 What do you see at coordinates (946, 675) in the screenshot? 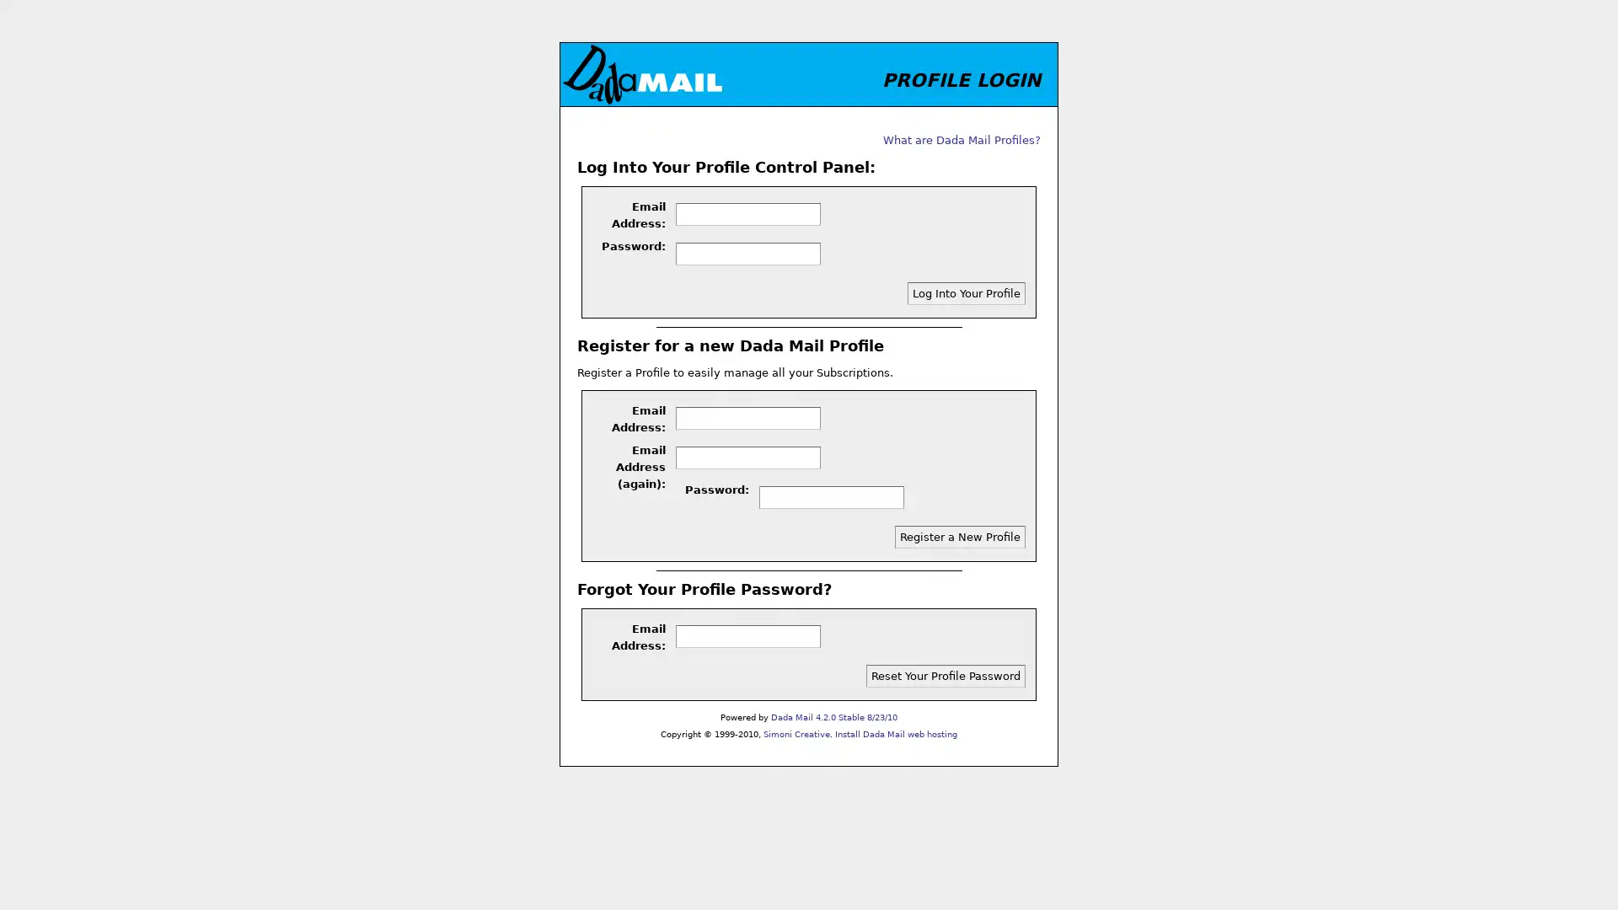
I see `Reset Your Profile Password` at bounding box center [946, 675].